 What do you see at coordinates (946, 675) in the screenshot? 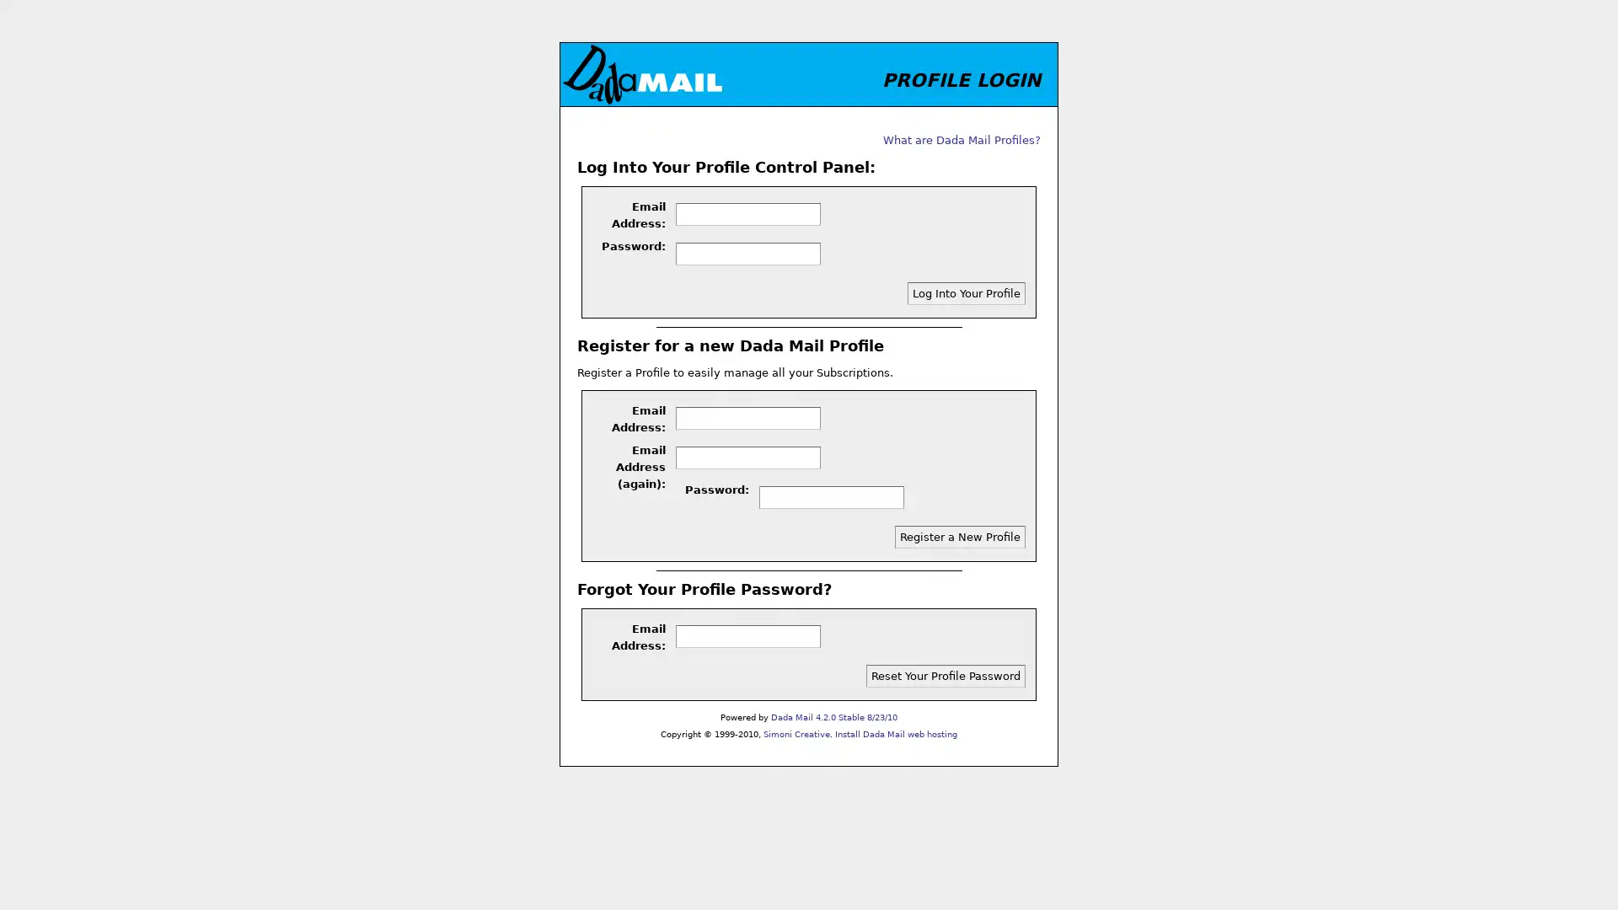
I see `Reset Your Profile Password` at bounding box center [946, 675].